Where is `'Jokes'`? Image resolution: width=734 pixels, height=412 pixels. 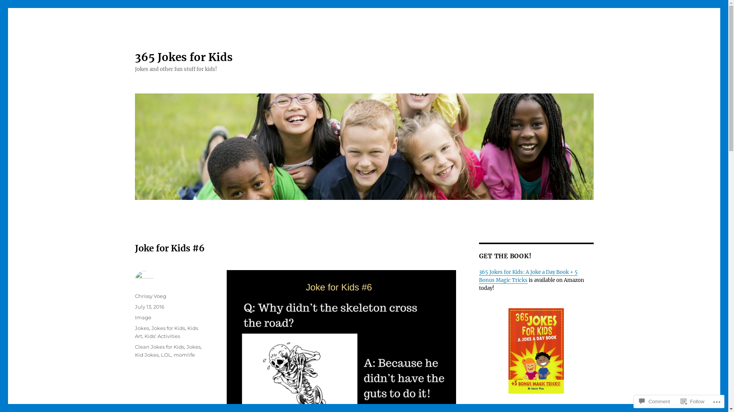 'Jokes' is located at coordinates (193, 347).